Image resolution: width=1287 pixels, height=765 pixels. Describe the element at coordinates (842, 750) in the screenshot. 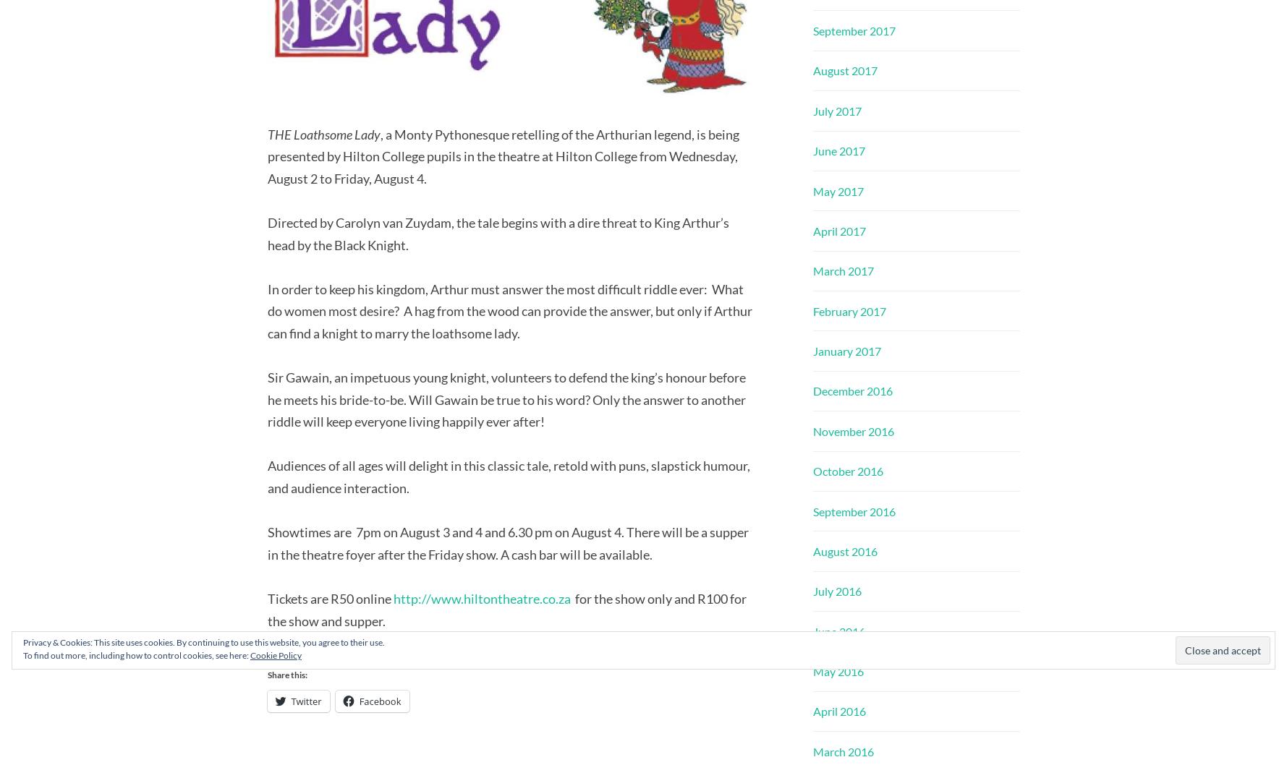

I see `'March 2016'` at that location.